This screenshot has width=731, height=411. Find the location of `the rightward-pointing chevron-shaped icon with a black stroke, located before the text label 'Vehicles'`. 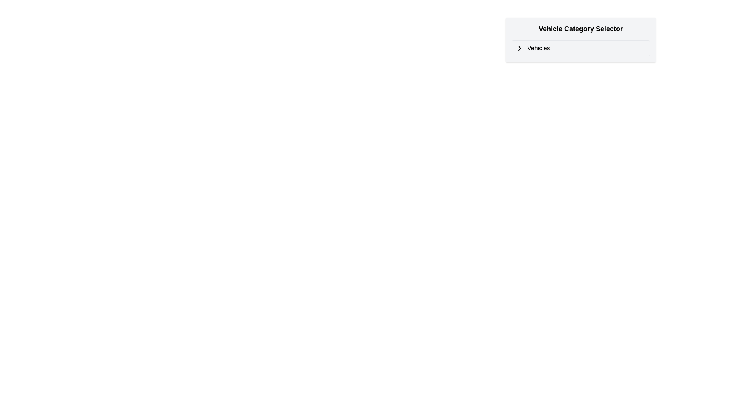

the rightward-pointing chevron-shaped icon with a black stroke, located before the text label 'Vehicles' is located at coordinates (519, 48).